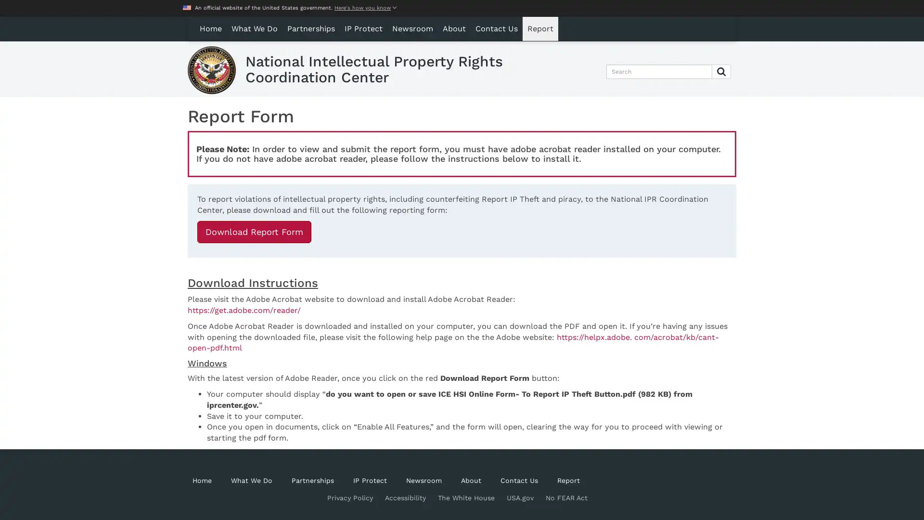  Describe the element at coordinates (721, 70) in the screenshot. I see `Submit Search` at that location.